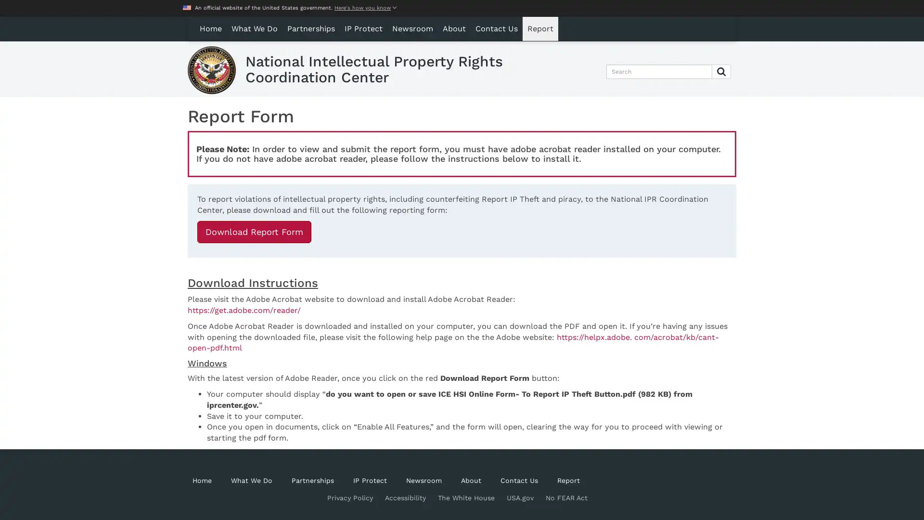  Describe the element at coordinates (721, 70) in the screenshot. I see `Submit Search` at that location.